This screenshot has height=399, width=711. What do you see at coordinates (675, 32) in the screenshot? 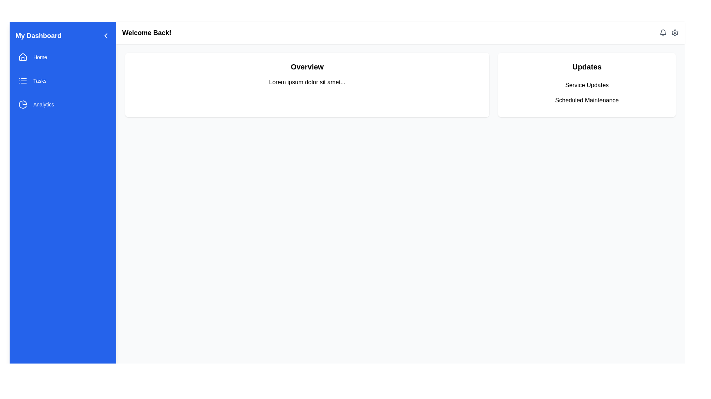
I see `the settings icon located in the top right corner of the interface, adjacent to the bell icon` at bounding box center [675, 32].